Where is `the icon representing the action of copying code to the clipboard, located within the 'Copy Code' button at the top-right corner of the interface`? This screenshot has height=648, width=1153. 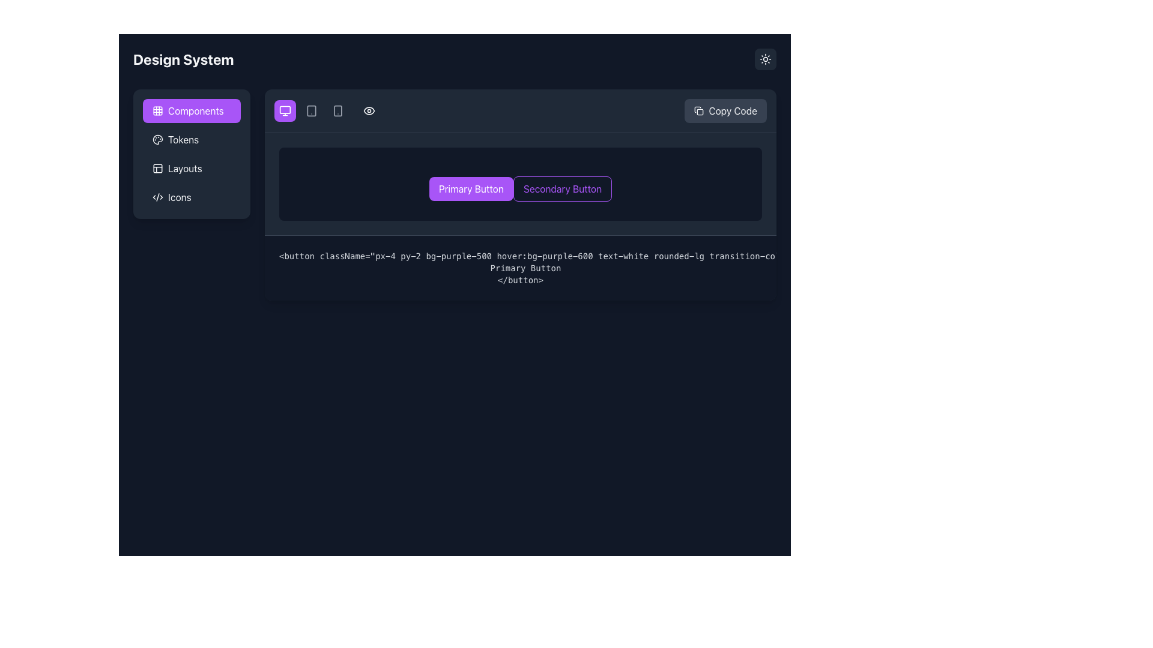 the icon representing the action of copying code to the clipboard, located within the 'Copy Code' button at the top-right corner of the interface is located at coordinates (699, 111).